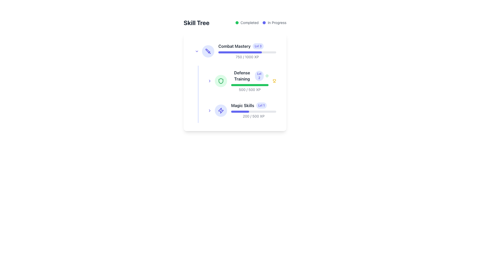 The height and width of the screenshot is (276, 491). I want to click on the decorative icon with a light indigo background and a deep indigo bolt symbol, located in the 'Magic Skills' card section near the top-left, so click(221, 110).